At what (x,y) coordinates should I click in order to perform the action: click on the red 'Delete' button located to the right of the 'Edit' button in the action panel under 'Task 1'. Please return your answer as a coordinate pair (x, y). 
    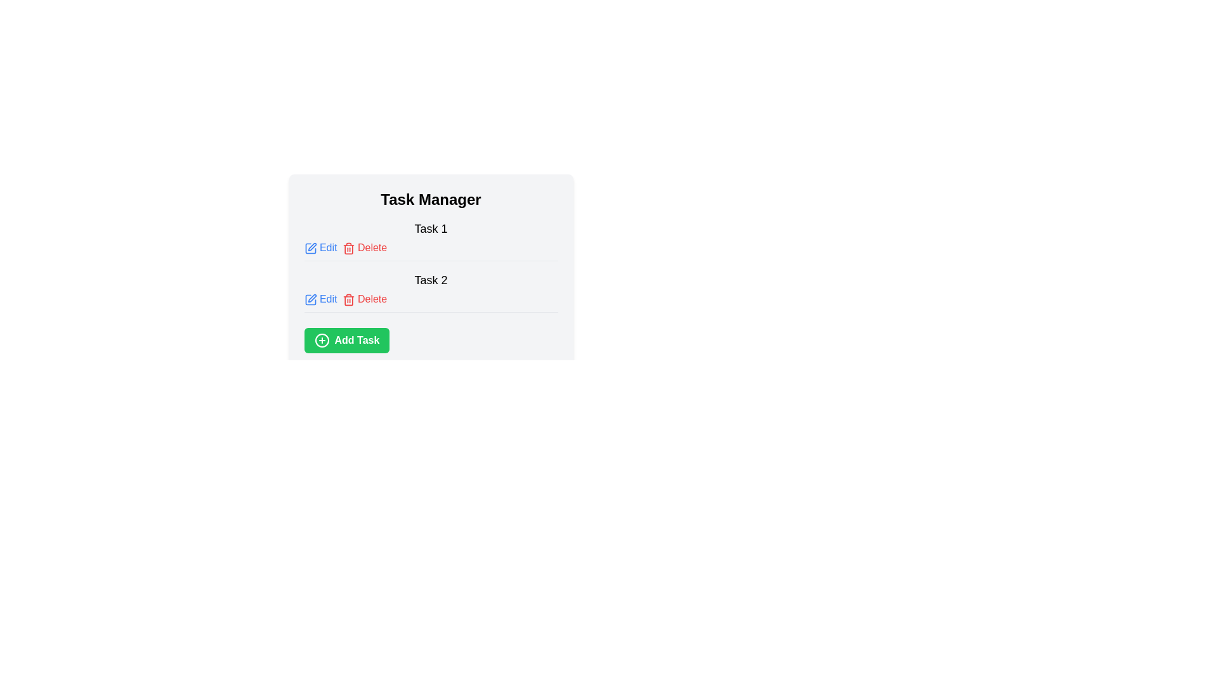
    Looking at the image, I should click on (363, 247).